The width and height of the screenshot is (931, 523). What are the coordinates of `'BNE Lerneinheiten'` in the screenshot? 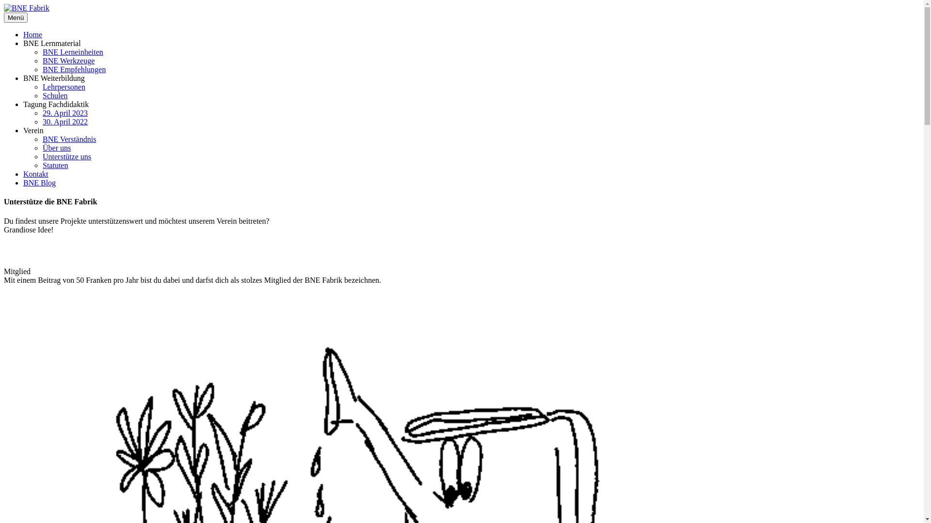 It's located at (72, 52).